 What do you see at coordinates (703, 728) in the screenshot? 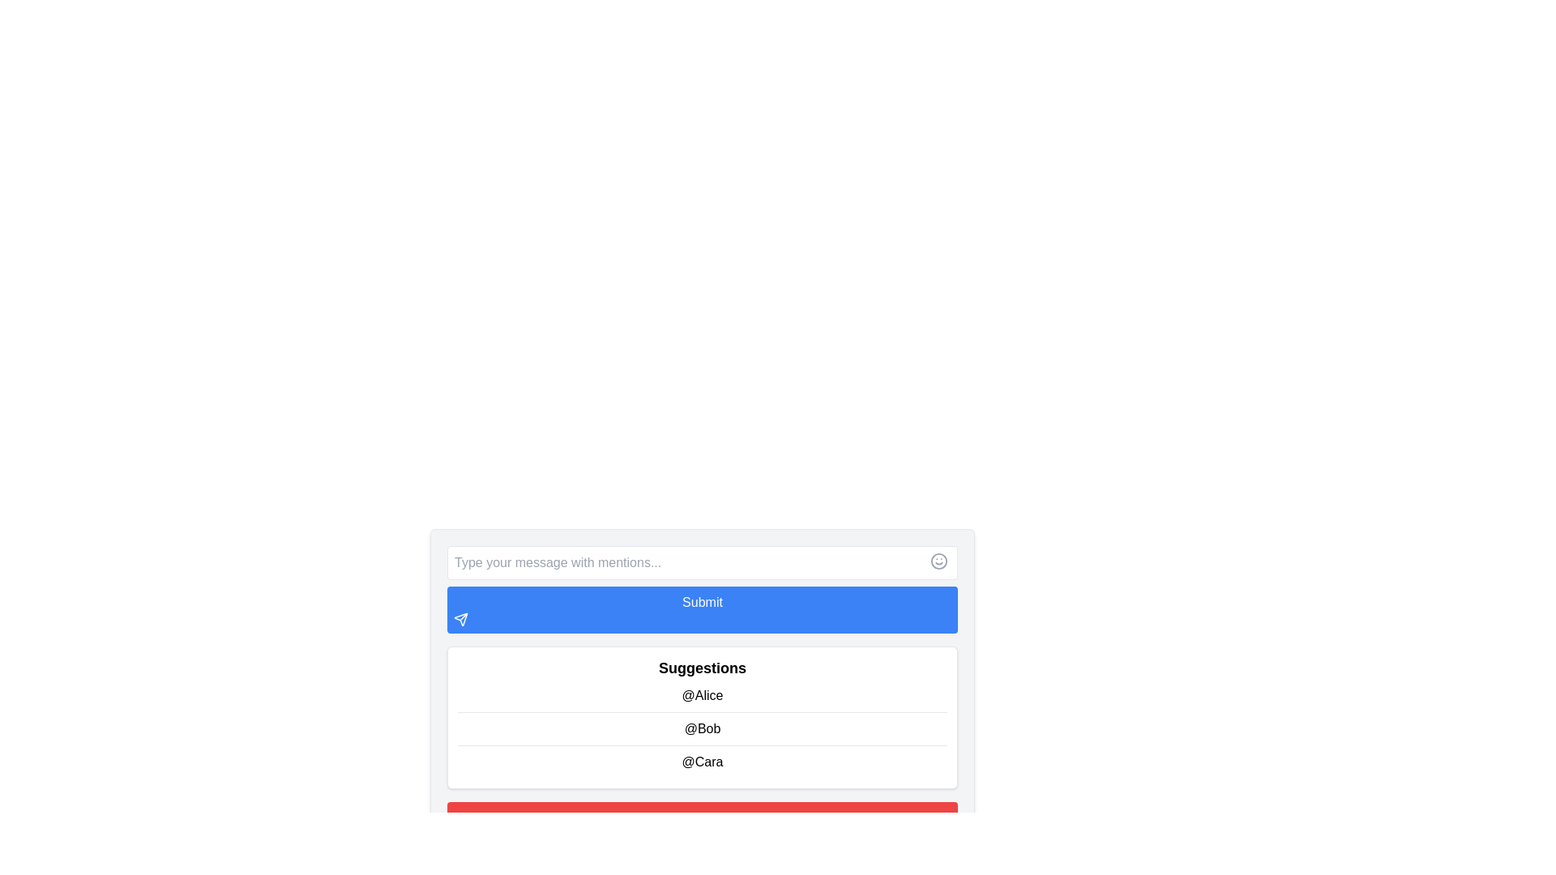
I see `the suggestion entry displaying '@Bob' in the interactive list` at bounding box center [703, 728].